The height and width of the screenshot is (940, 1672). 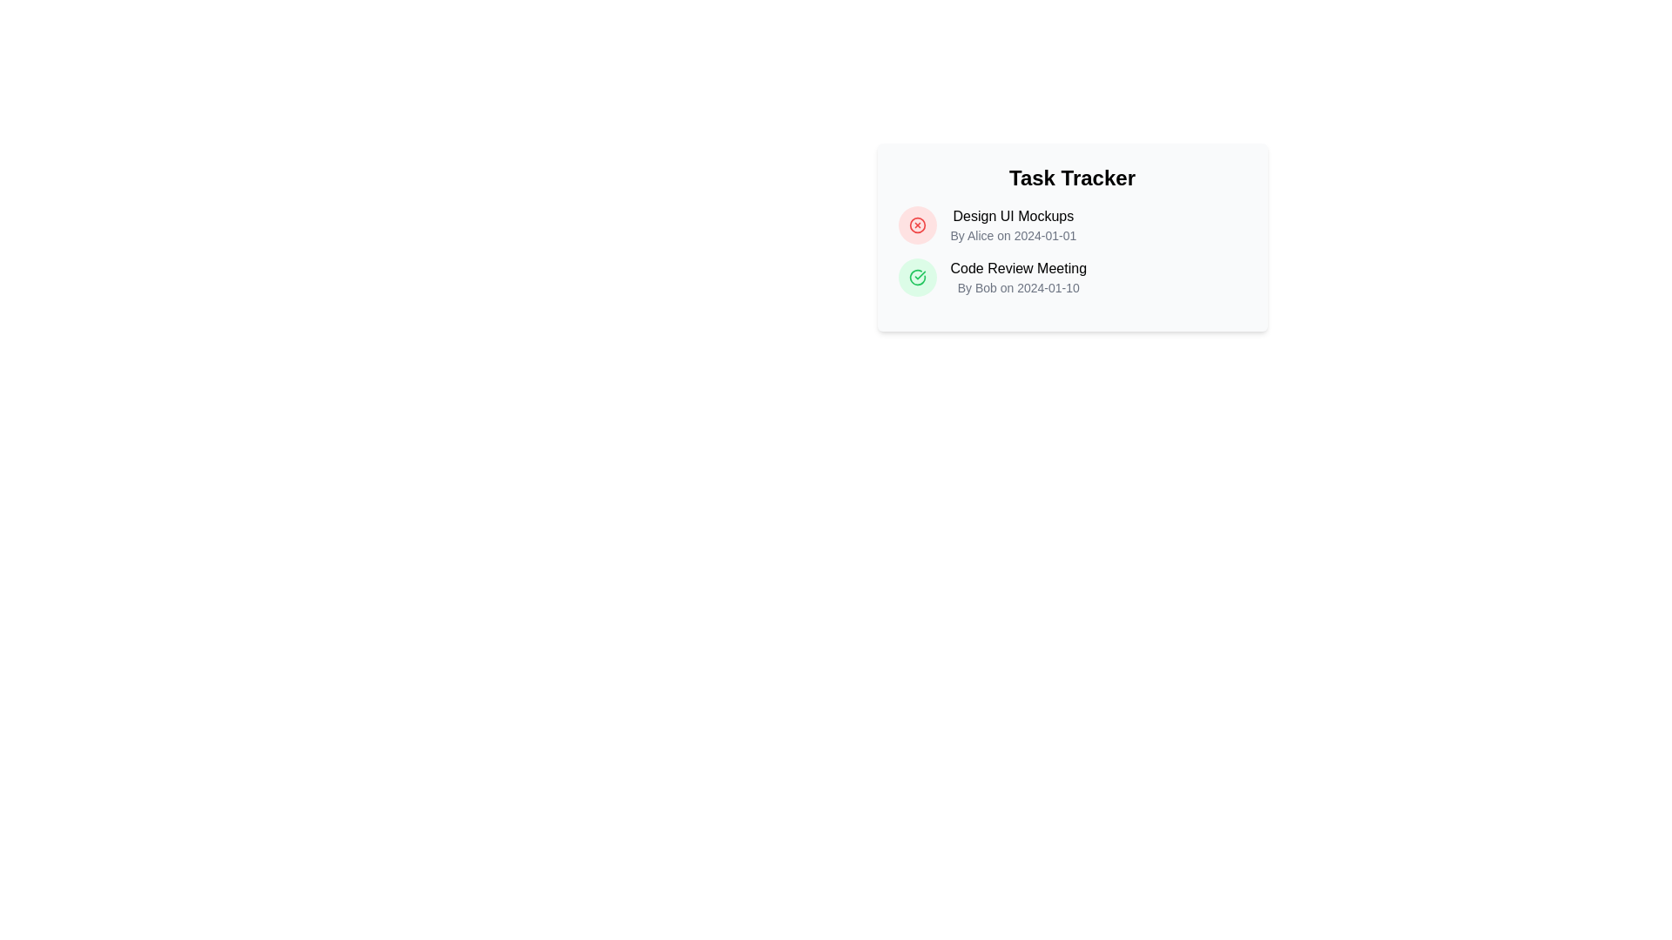 What do you see at coordinates (916, 224) in the screenshot?
I see `the icon indicator (circle with an X) for the 'Design UI Mockups' task entry in the top task entry of the task tracker component` at bounding box center [916, 224].